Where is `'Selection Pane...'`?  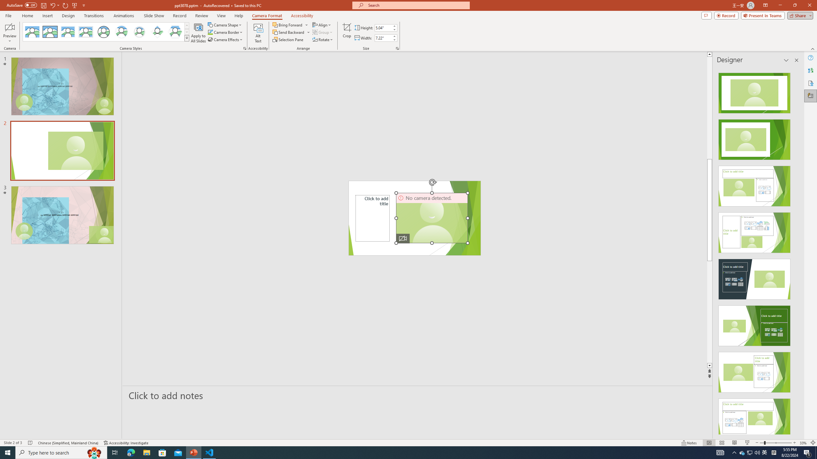
'Selection Pane...' is located at coordinates (288, 39).